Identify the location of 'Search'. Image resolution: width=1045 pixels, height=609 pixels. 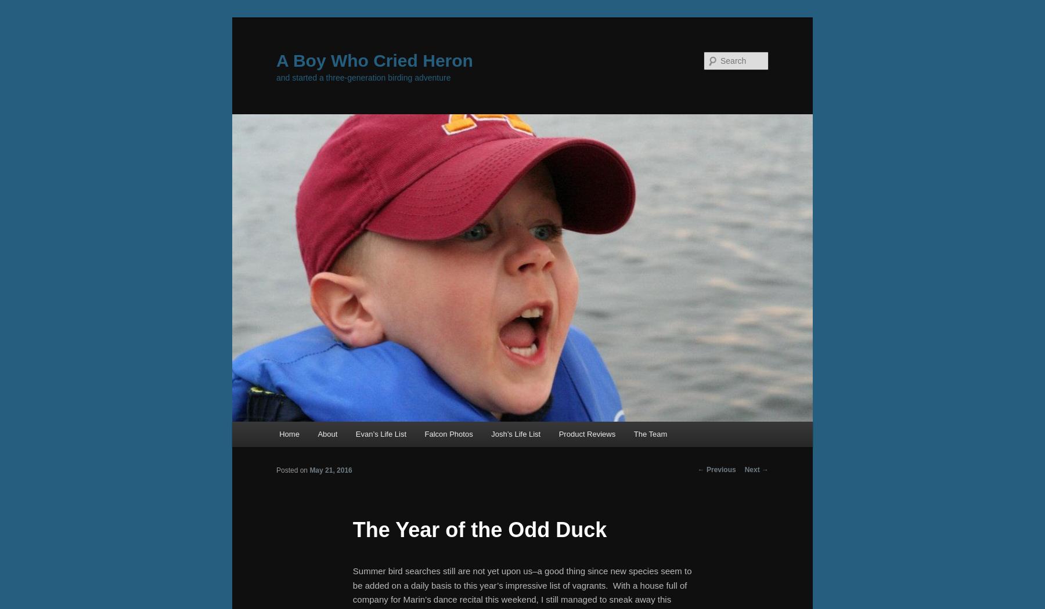
(782, 58).